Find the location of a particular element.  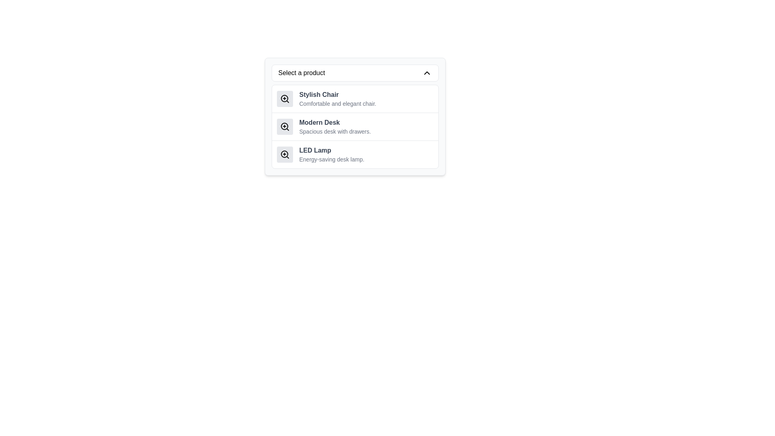

the zoom-in icon represented by a magnifying glass with a plus symbol, located to the left of the 'Stylish Chair' label in the 'Select a product' dropdown is located at coordinates (285, 99).